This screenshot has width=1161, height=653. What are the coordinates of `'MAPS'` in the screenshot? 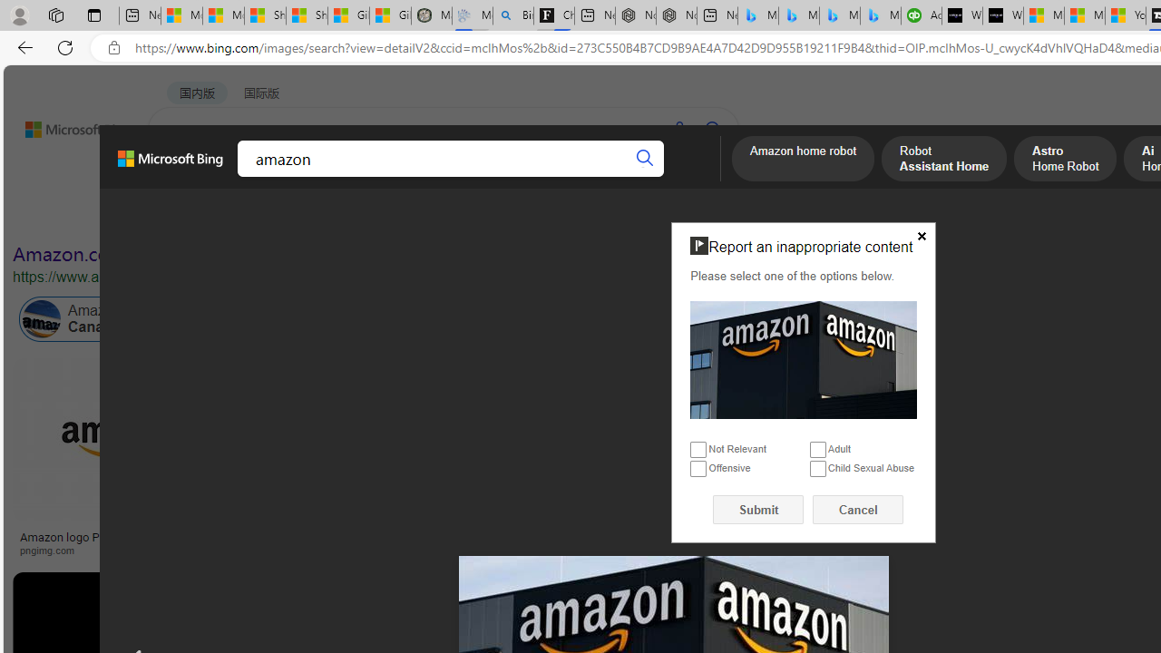 It's located at (633, 177).